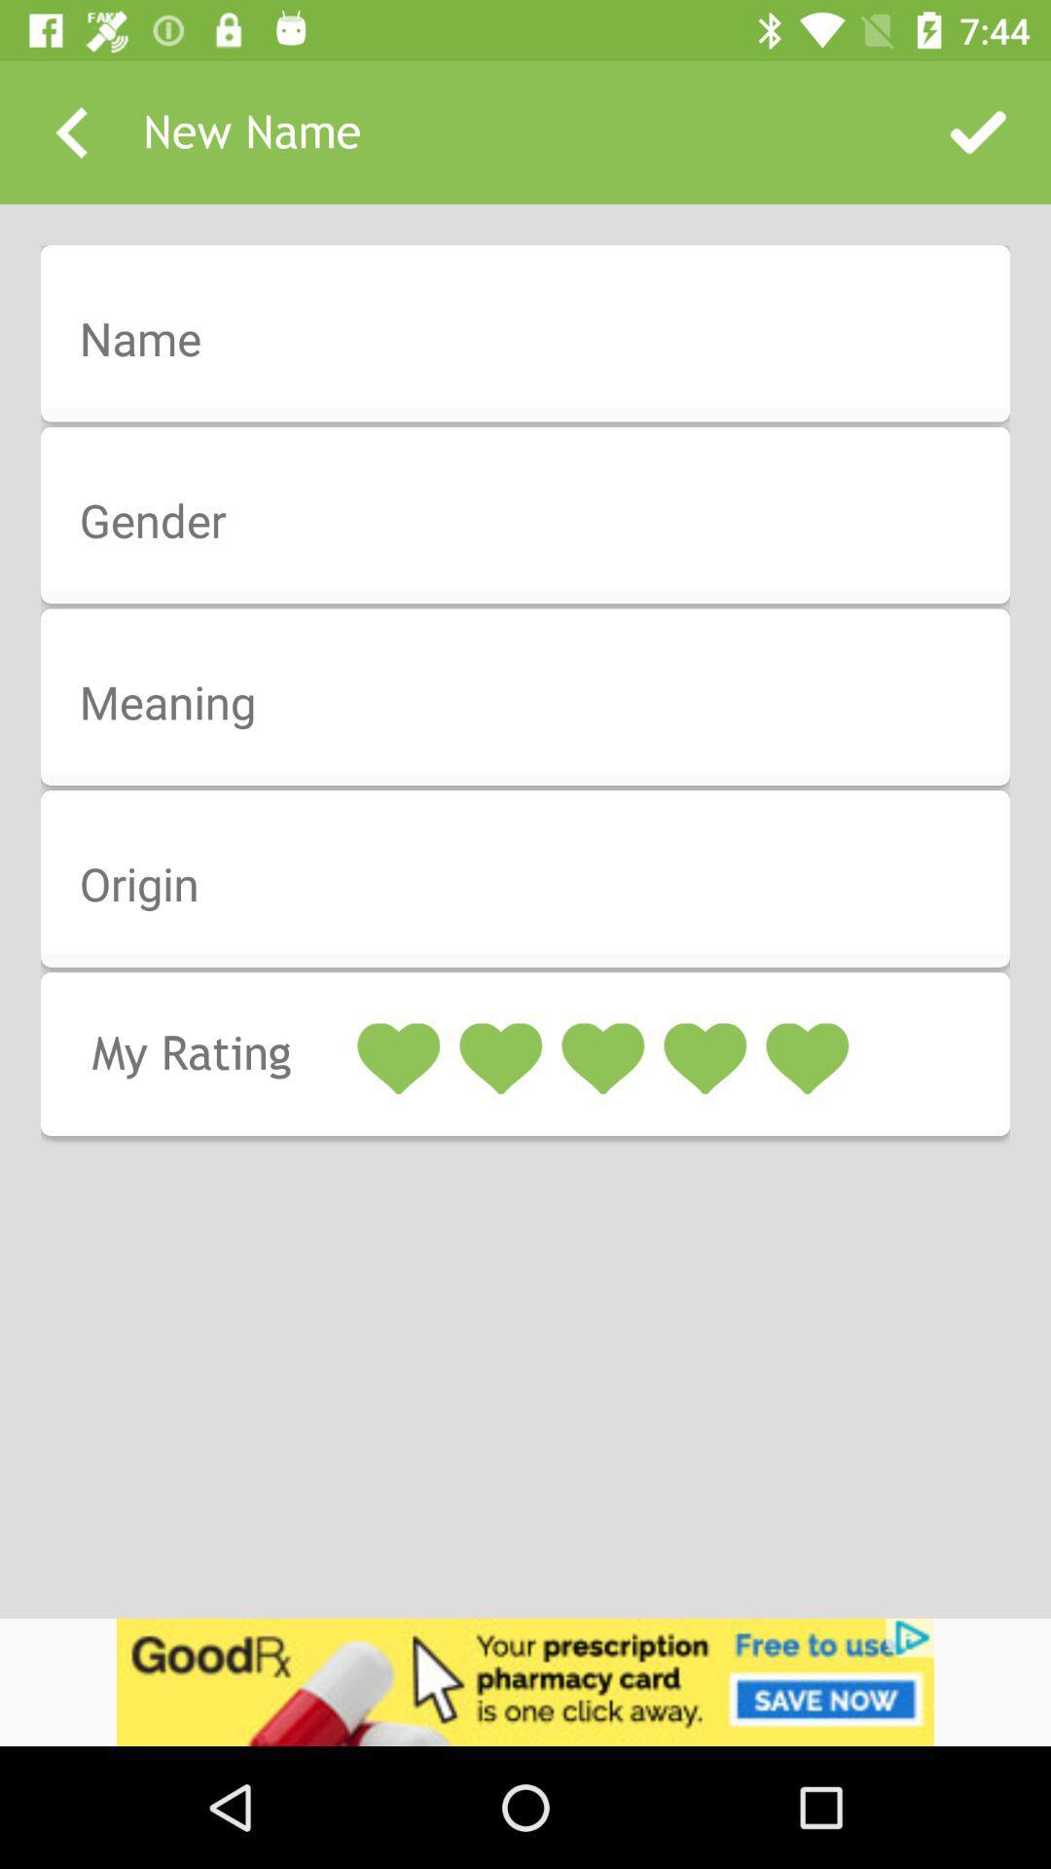 The width and height of the screenshot is (1051, 1869). I want to click on go back, so click(70, 131).